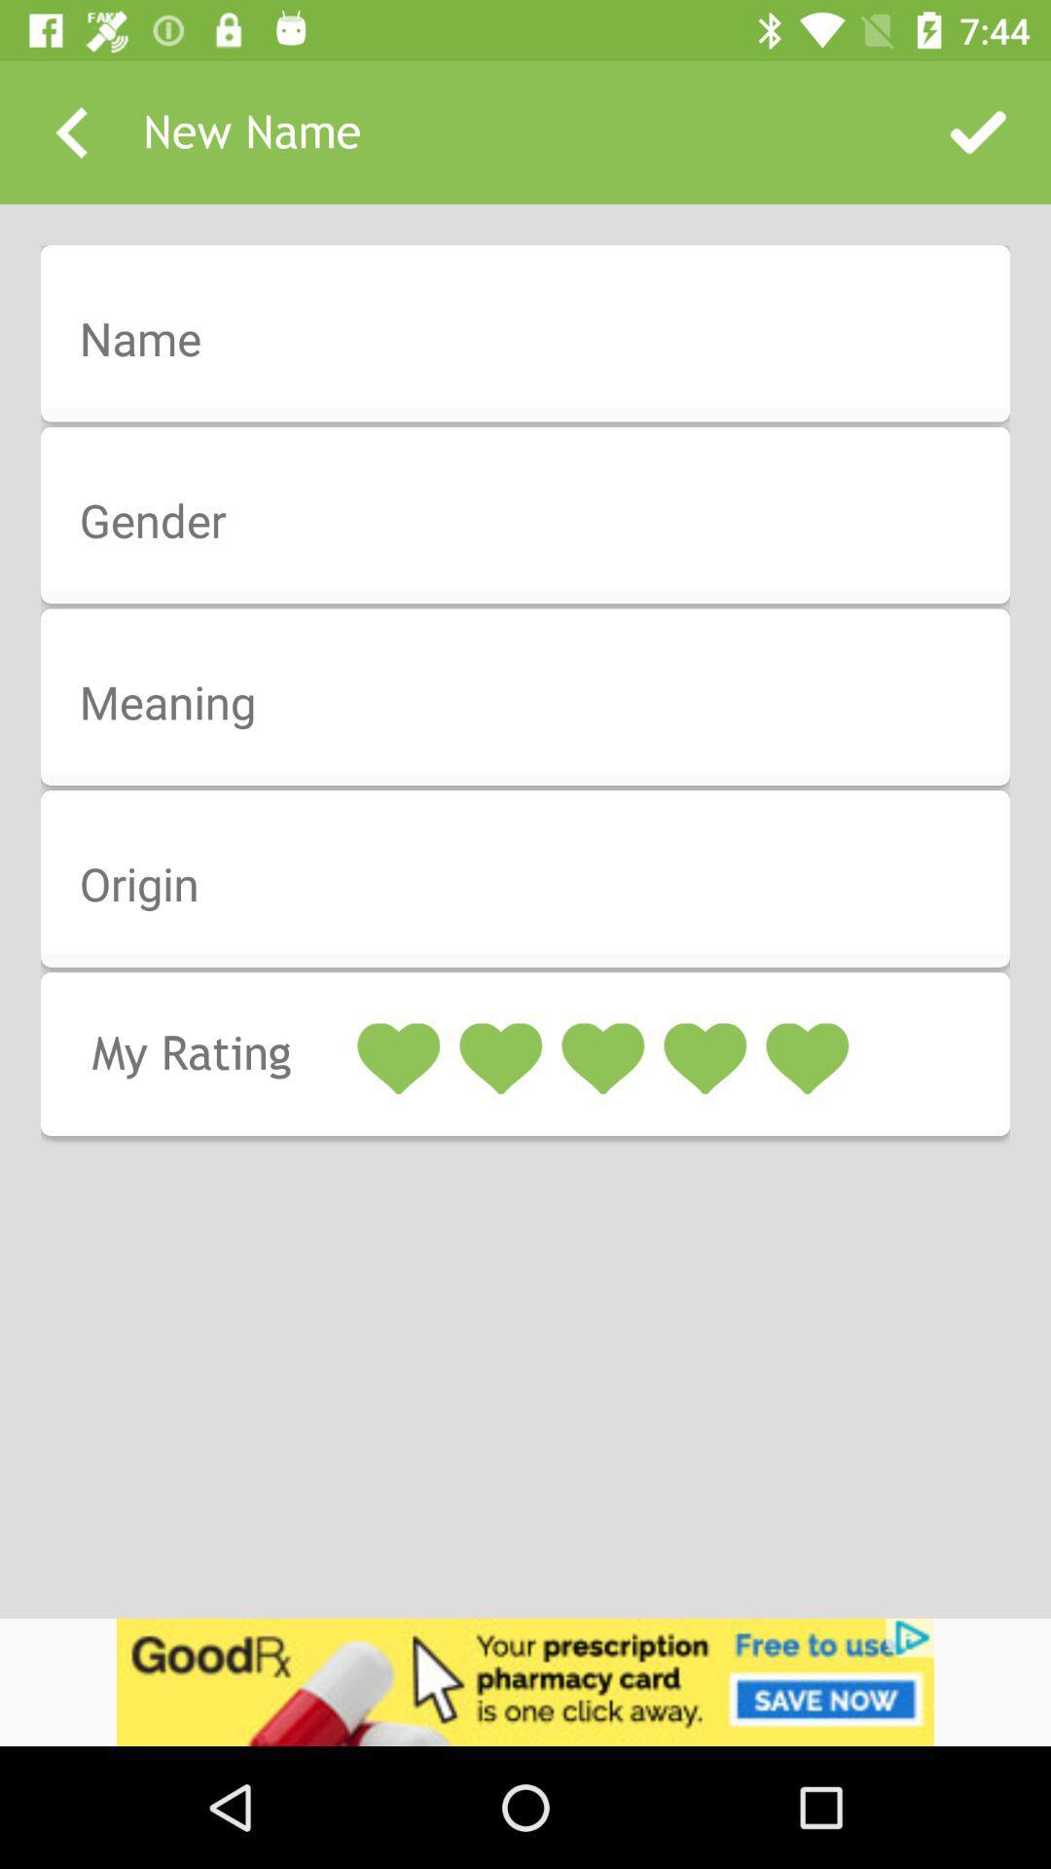 The width and height of the screenshot is (1051, 1869). I want to click on go back, so click(70, 131).